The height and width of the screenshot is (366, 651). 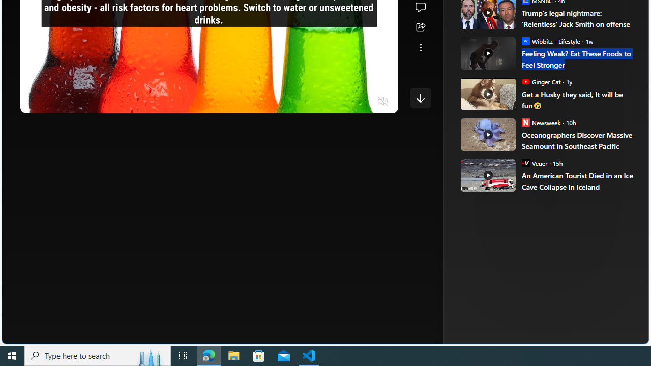 What do you see at coordinates (541, 81) in the screenshot?
I see `'Ginger Cat Ginger Cat'` at bounding box center [541, 81].